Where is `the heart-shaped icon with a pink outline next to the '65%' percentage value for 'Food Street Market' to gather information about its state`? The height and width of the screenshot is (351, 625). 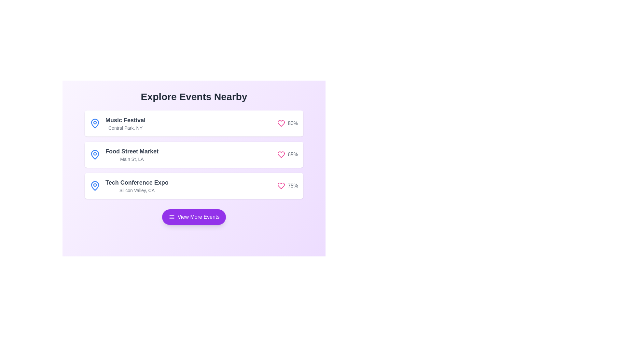 the heart-shaped icon with a pink outline next to the '65%' percentage value for 'Food Street Market' to gather information about its state is located at coordinates (281, 186).